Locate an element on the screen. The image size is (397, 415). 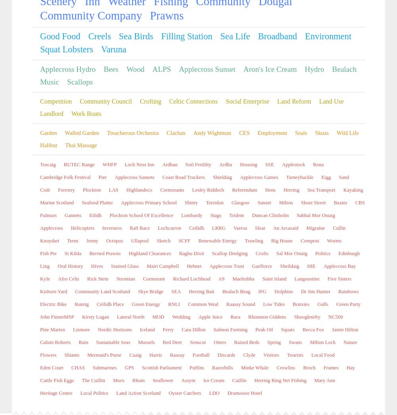
'Hydro' is located at coordinates (222, 396).